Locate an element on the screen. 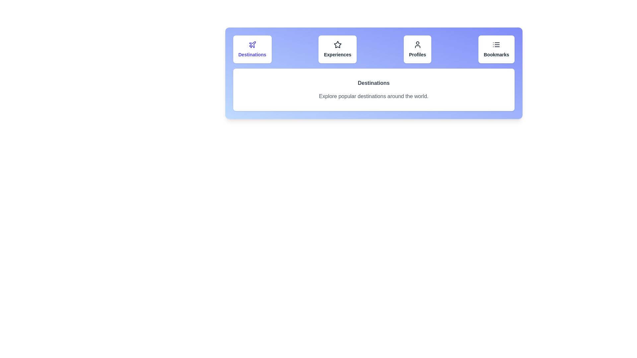 The width and height of the screenshot is (637, 358). the tab corresponding to Destinations is located at coordinates (252, 49).